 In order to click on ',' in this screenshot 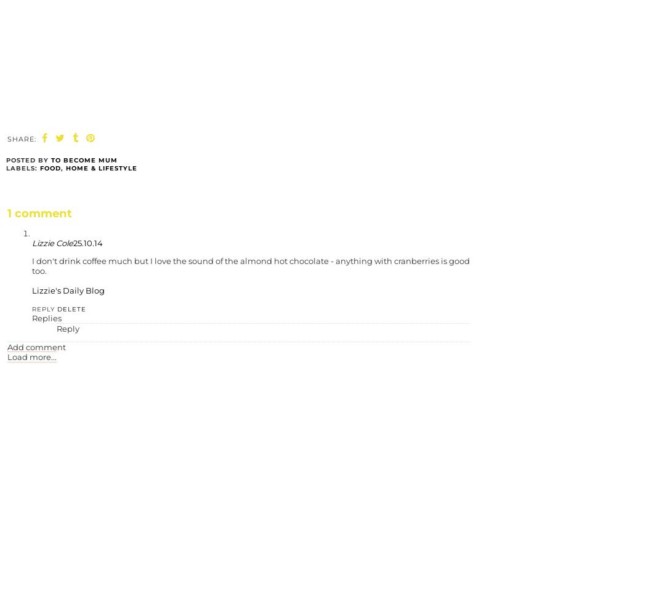, I will do `click(63, 168)`.